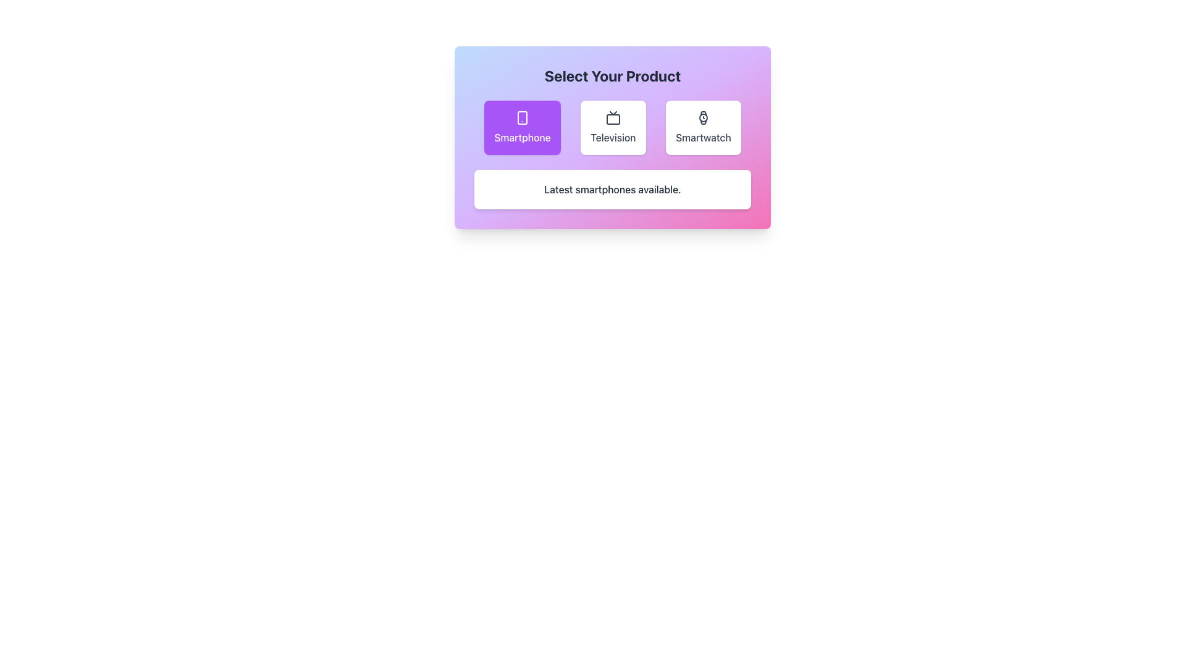  Describe the element at coordinates (703, 128) in the screenshot. I see `the 'Smartwatch' button, which is the third card in a horizontal list of options, featuring a smartwatch icon and a white background with rounded corners` at that location.